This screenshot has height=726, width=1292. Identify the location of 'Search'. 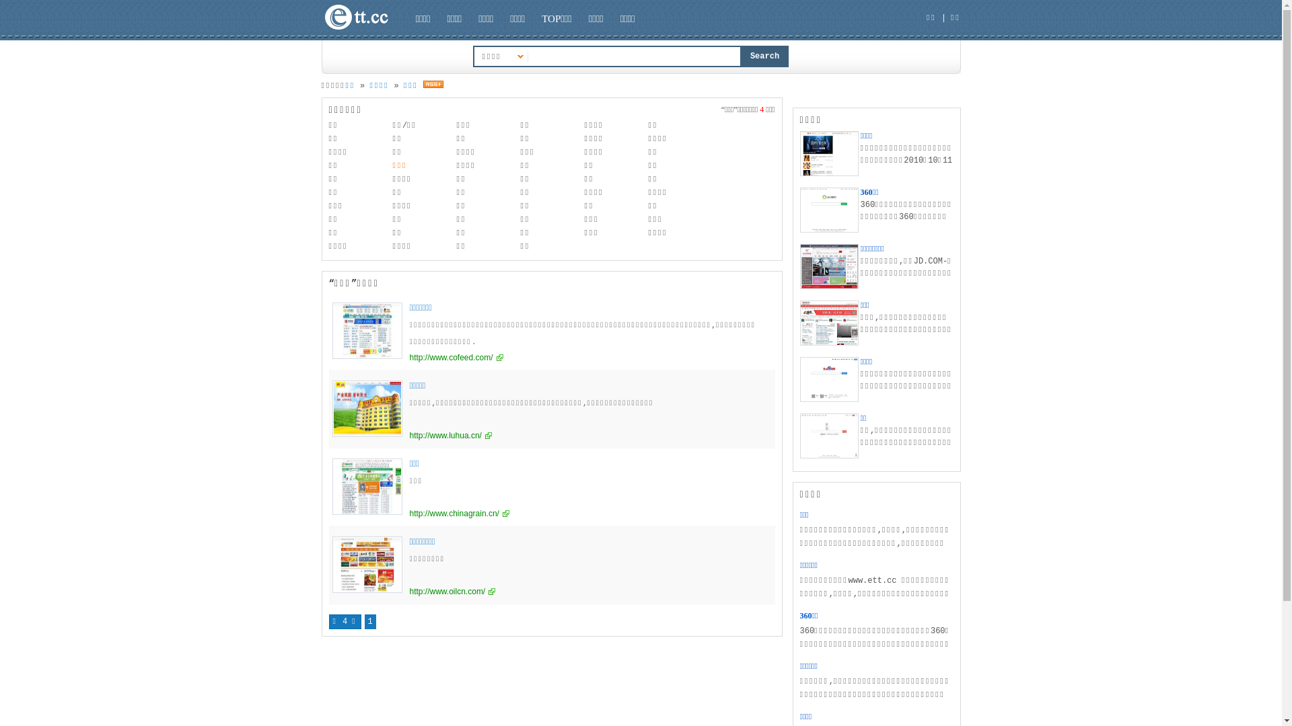
(765, 56).